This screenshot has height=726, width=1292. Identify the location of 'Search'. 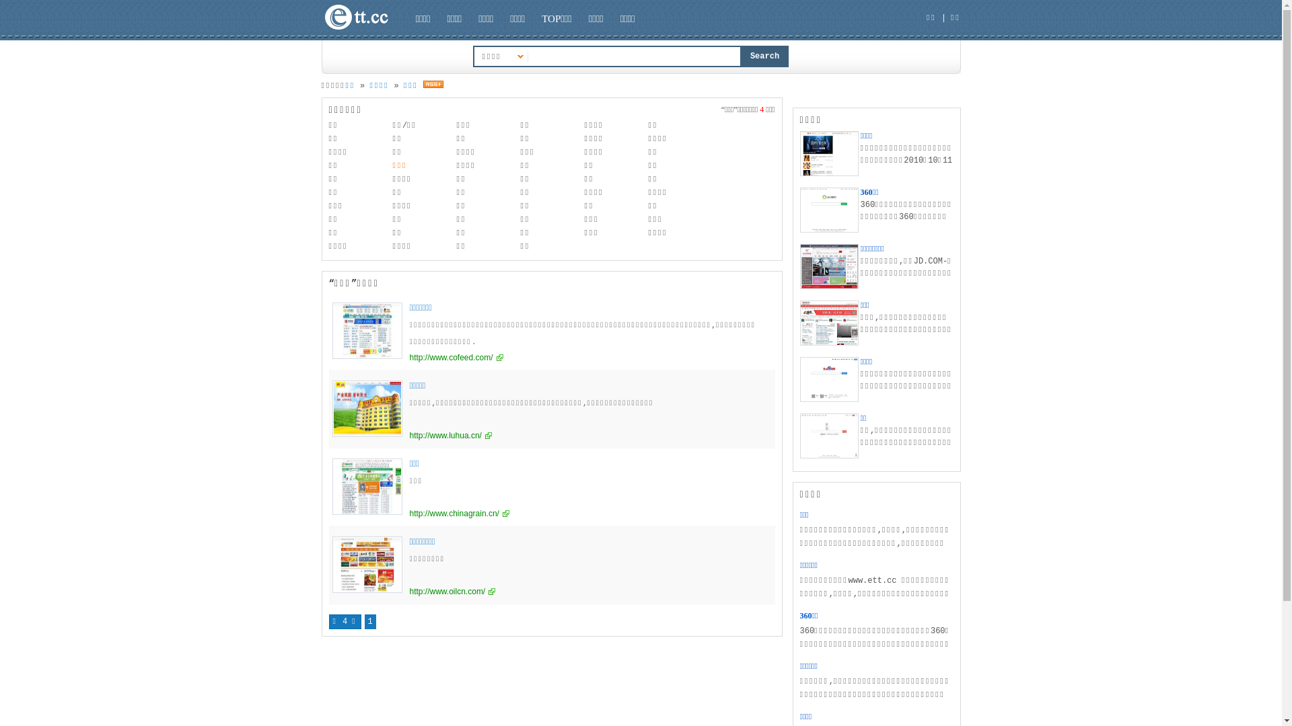
(765, 56).